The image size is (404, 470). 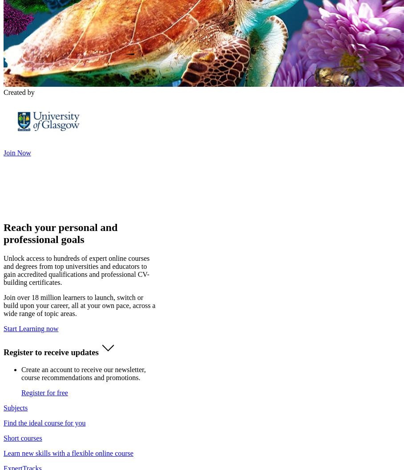 What do you see at coordinates (3, 453) in the screenshot?
I see `'Learn new skills with a flexible online course'` at bounding box center [3, 453].